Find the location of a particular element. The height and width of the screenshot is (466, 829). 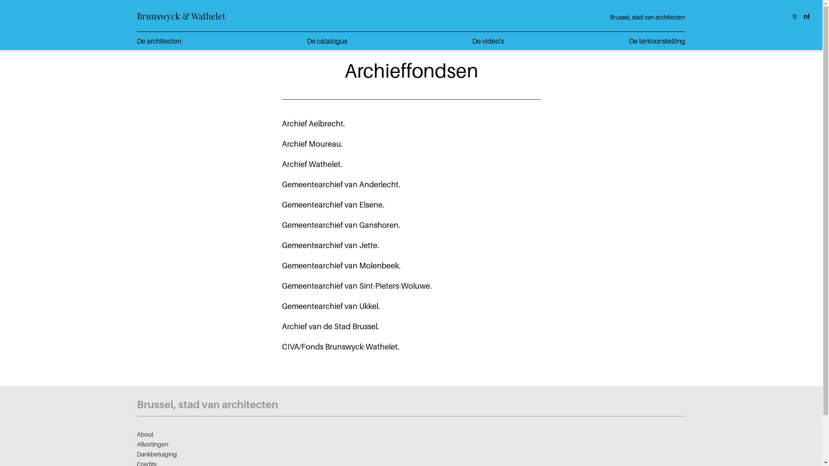

'De tentoonstelling' is located at coordinates (656, 41).